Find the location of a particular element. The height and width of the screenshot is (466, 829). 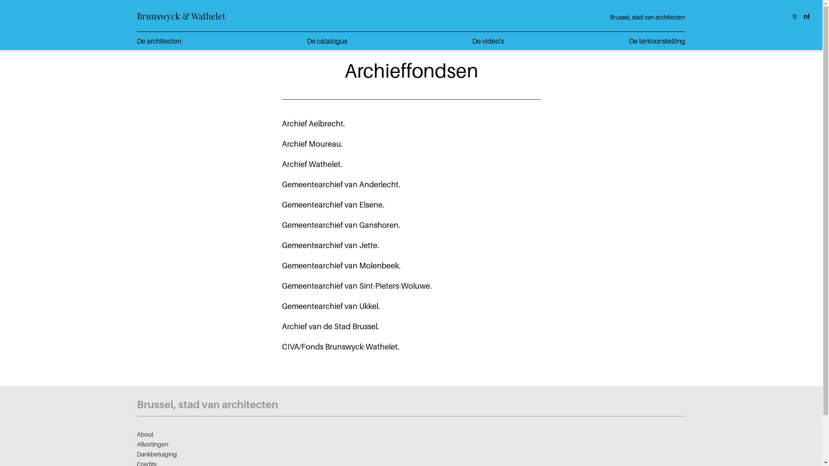

'De tentoonstelling' is located at coordinates (656, 41).